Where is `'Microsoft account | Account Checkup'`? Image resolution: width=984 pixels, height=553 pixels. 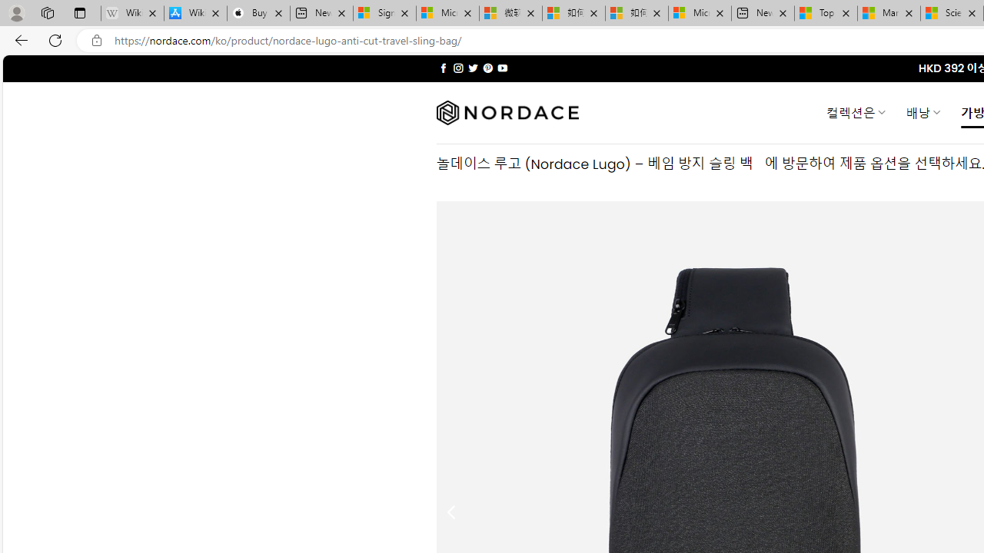 'Microsoft account | Account Checkup' is located at coordinates (699, 13).